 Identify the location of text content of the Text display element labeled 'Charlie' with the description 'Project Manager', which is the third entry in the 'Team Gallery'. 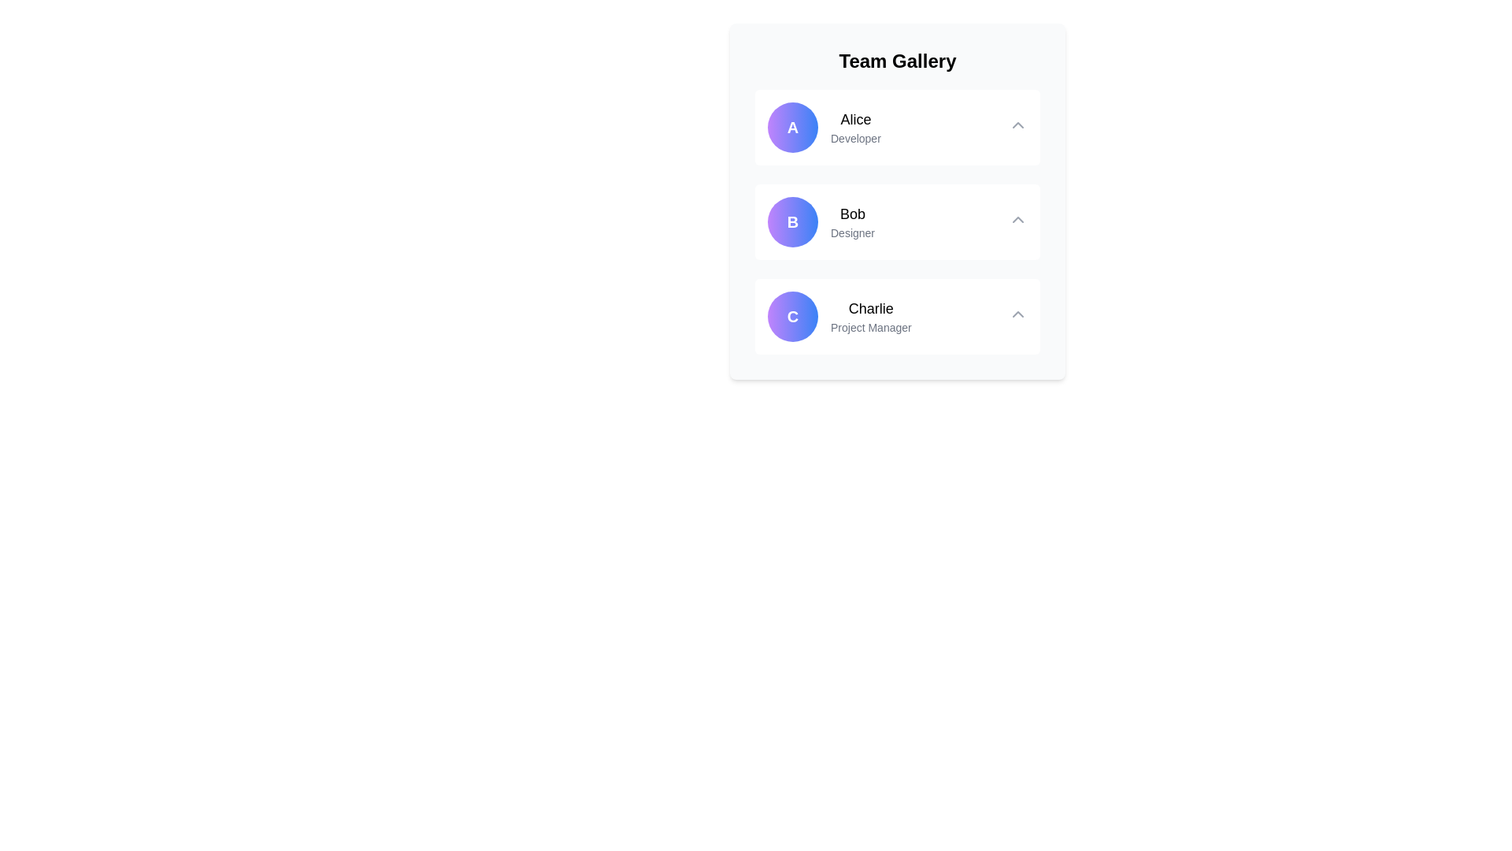
(870, 316).